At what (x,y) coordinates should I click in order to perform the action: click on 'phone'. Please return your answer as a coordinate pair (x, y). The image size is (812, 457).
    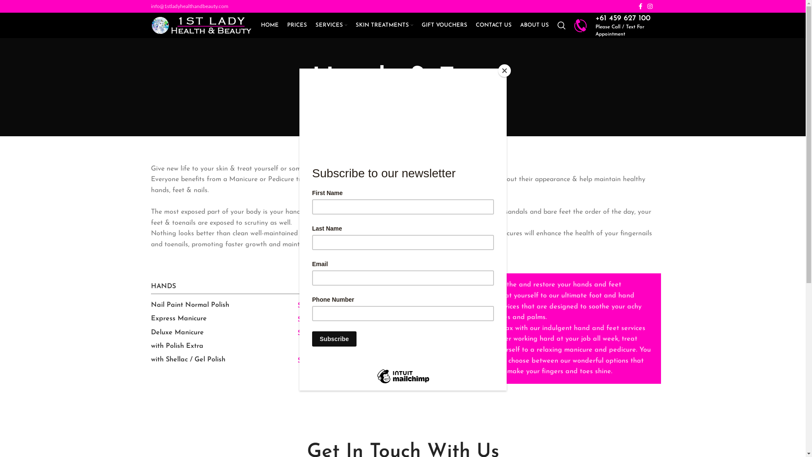
    Looking at the image, I should click on (574, 25).